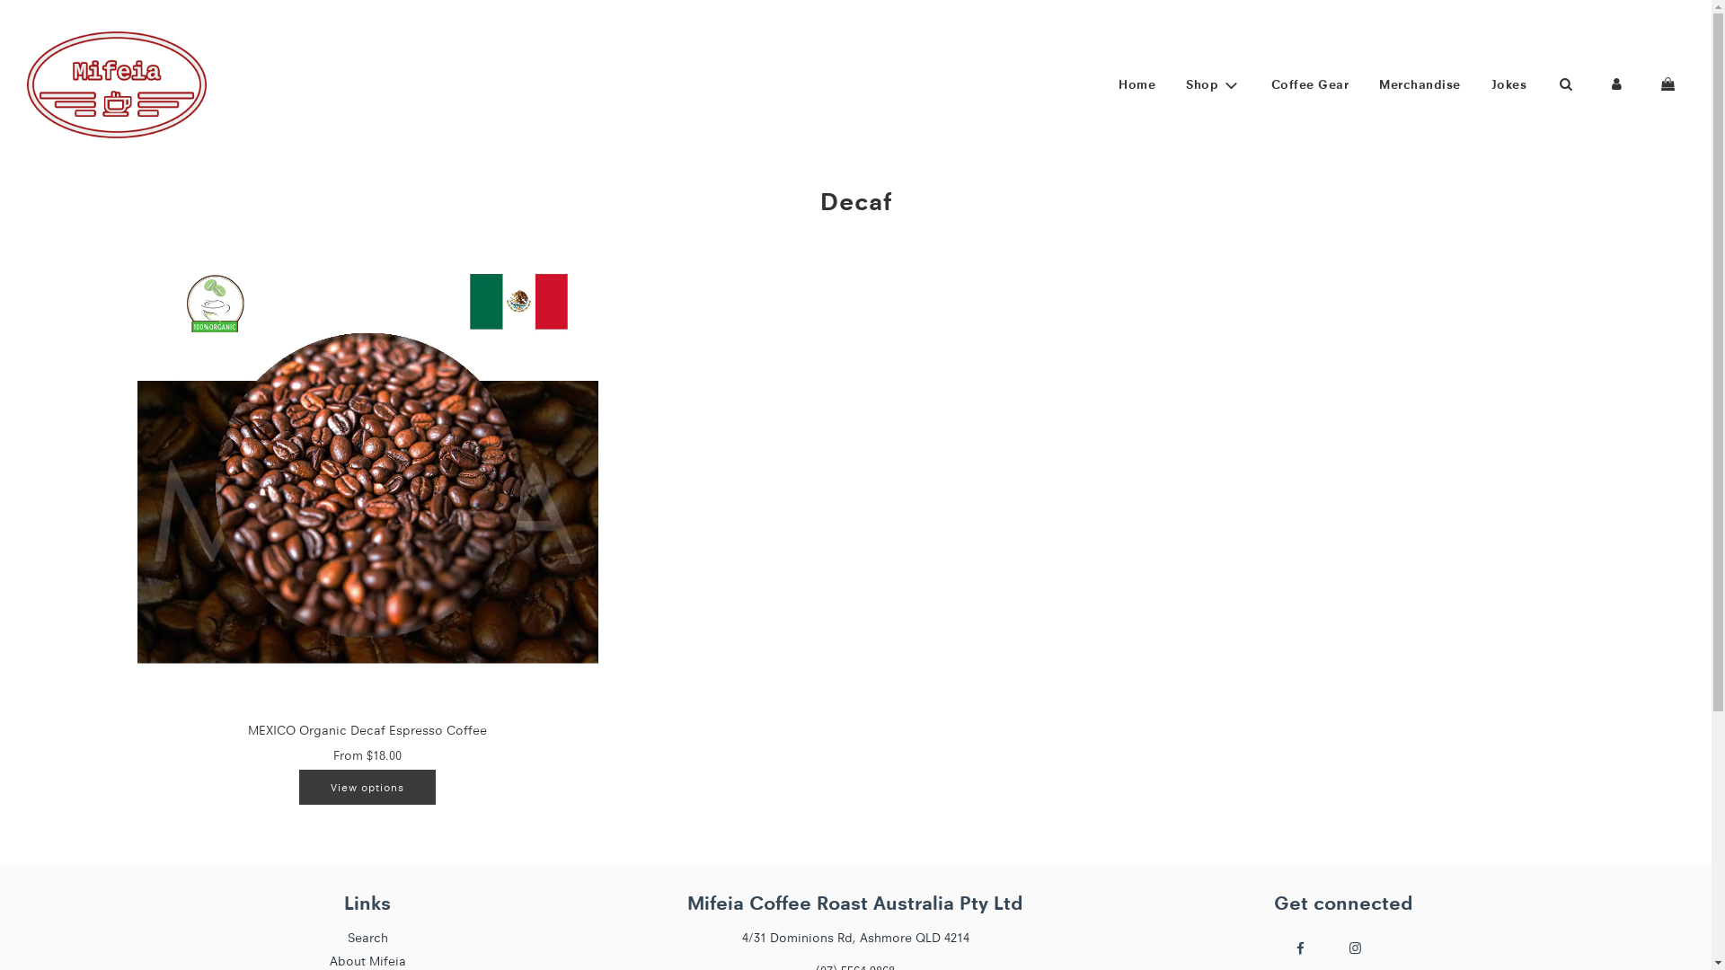  Describe the element at coordinates (1508, 84) in the screenshot. I see `'Jokes'` at that location.